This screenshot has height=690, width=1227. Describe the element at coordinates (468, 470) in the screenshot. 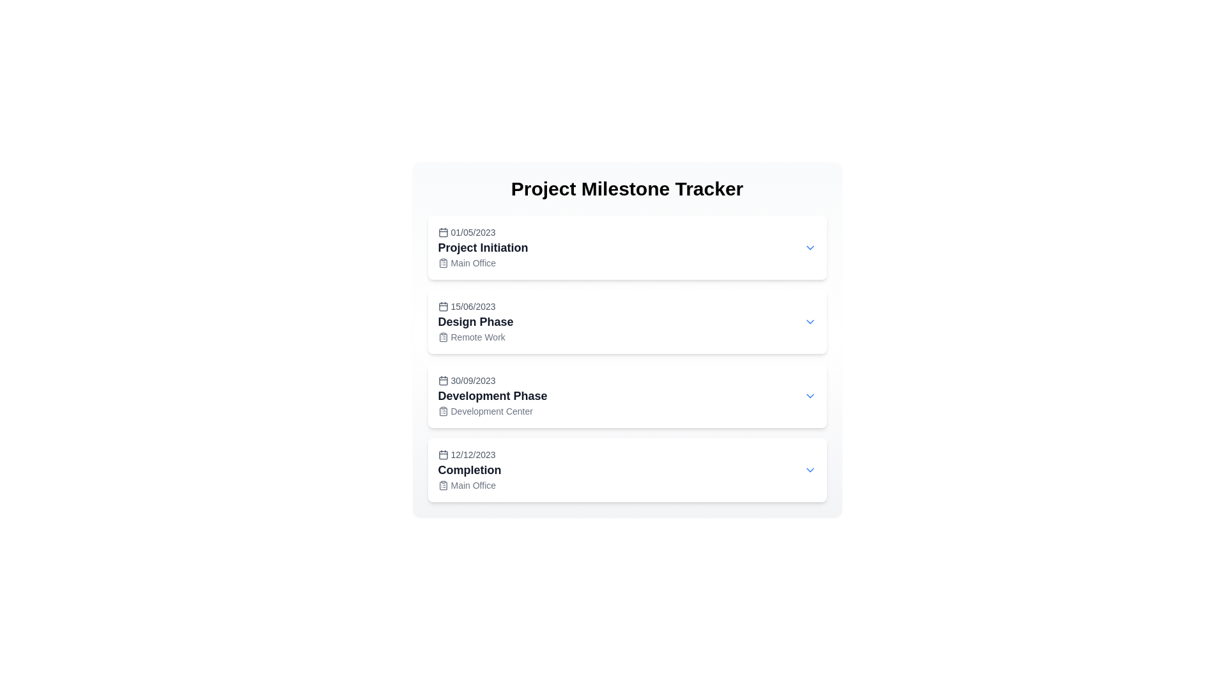

I see `the 'Completion' text label, which is bold and centrally aligned, located below the date '12/12/2023' and above the subtitle 'Main Office'` at that location.